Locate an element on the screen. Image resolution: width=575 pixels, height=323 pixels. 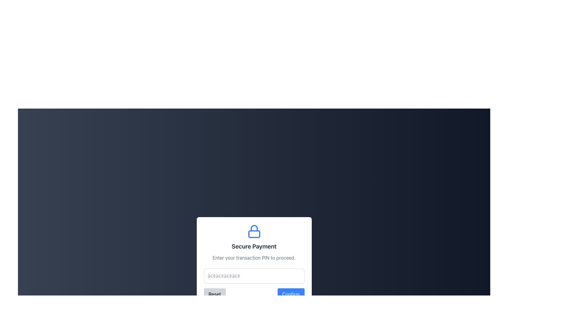
the lock icon that signifies security, located above the 'Secure Payment' text in the modal dialog is located at coordinates (254, 231).